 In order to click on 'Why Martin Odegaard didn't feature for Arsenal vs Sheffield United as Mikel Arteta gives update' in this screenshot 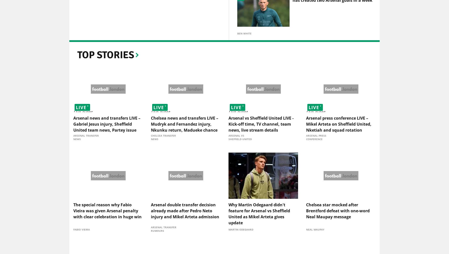, I will do `click(259, 214)`.